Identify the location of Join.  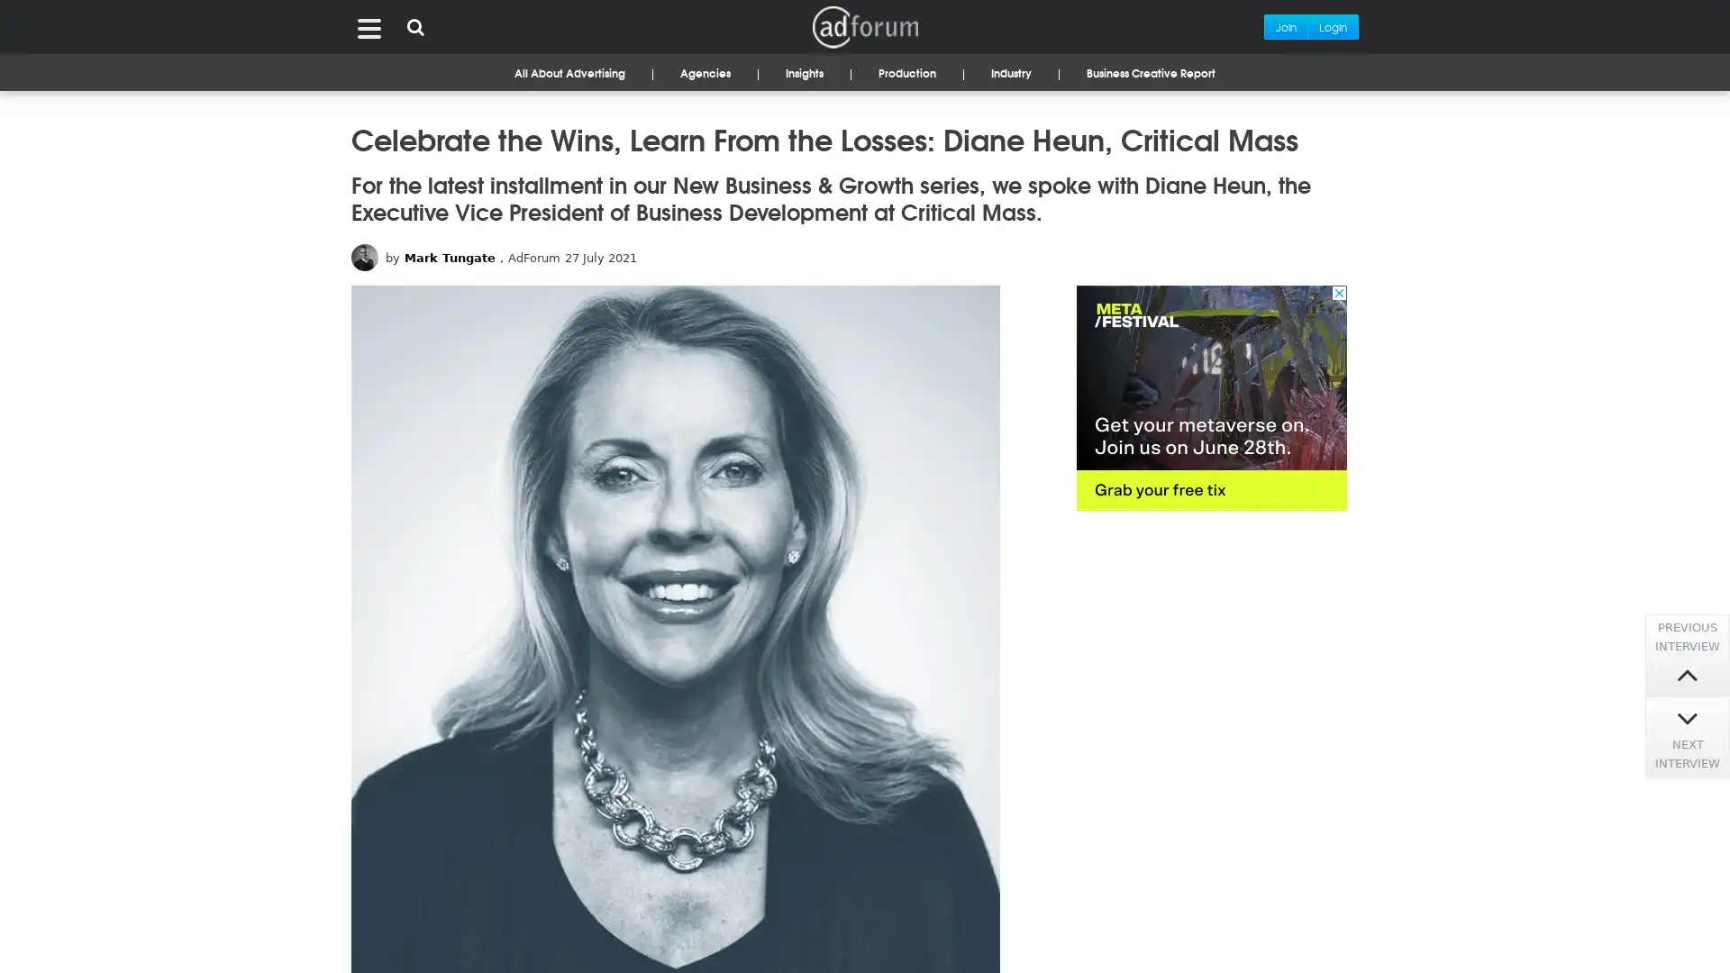
(1285, 27).